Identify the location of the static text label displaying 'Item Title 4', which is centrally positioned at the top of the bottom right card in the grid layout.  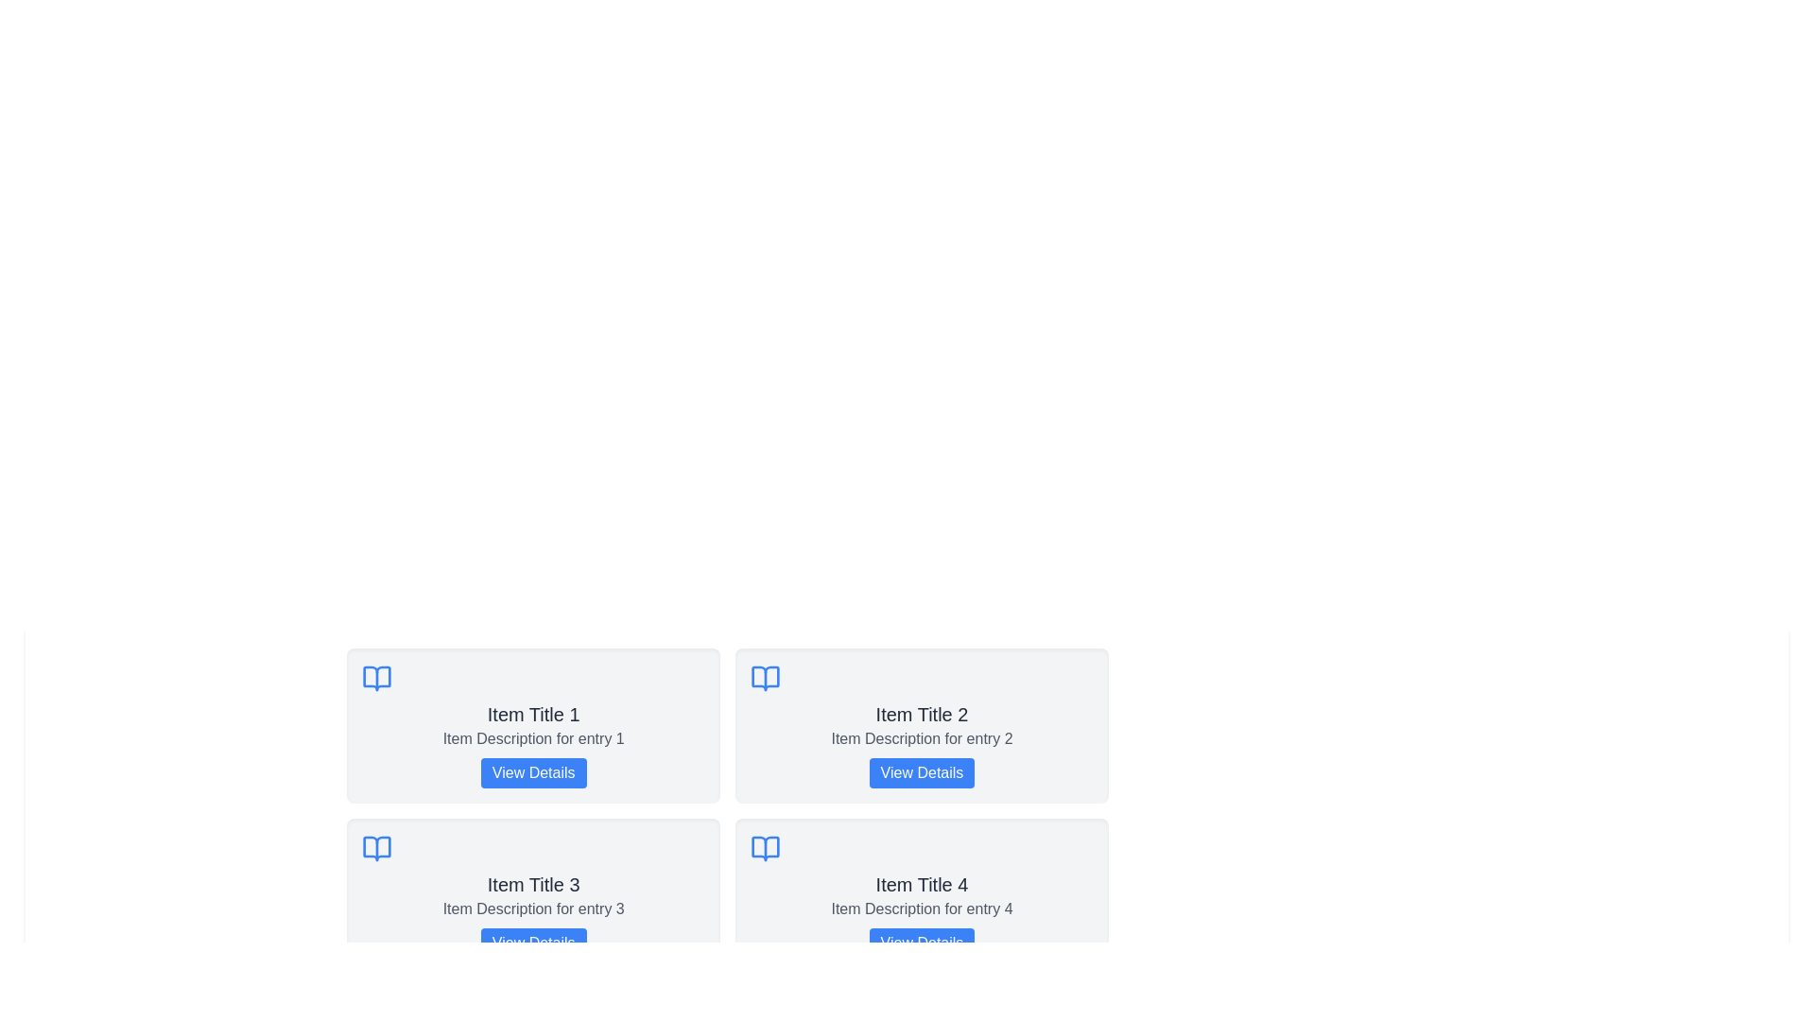
(922, 885).